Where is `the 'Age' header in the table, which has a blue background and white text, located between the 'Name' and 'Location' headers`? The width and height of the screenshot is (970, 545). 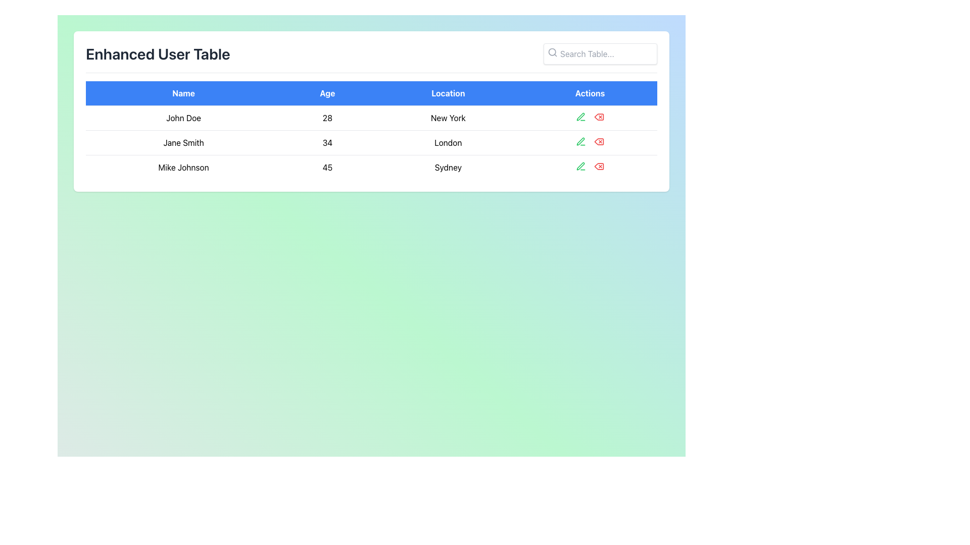 the 'Age' header in the table, which has a blue background and white text, located between the 'Name' and 'Location' headers is located at coordinates (327, 93).